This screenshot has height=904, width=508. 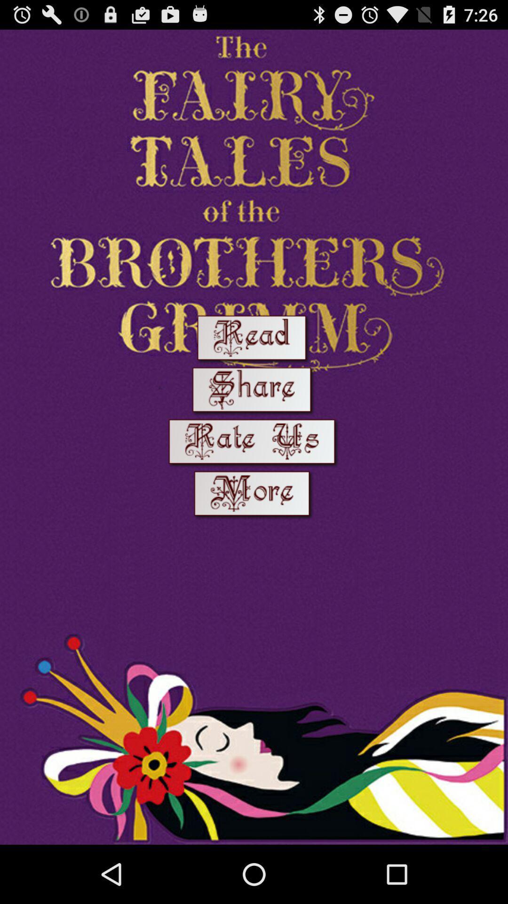 What do you see at coordinates (253, 392) in the screenshot?
I see `open the share menu` at bounding box center [253, 392].